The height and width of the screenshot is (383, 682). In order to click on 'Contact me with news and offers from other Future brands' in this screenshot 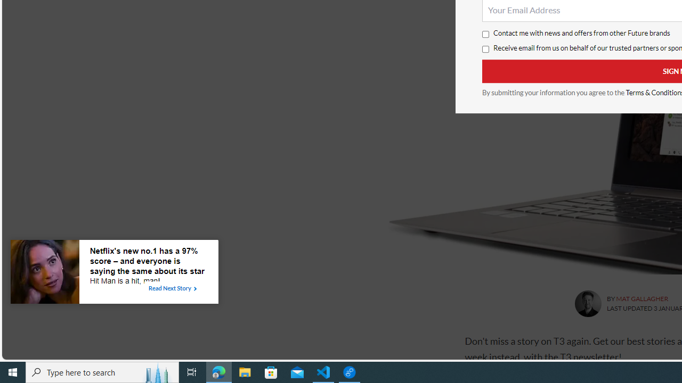, I will do `click(485, 34)`.